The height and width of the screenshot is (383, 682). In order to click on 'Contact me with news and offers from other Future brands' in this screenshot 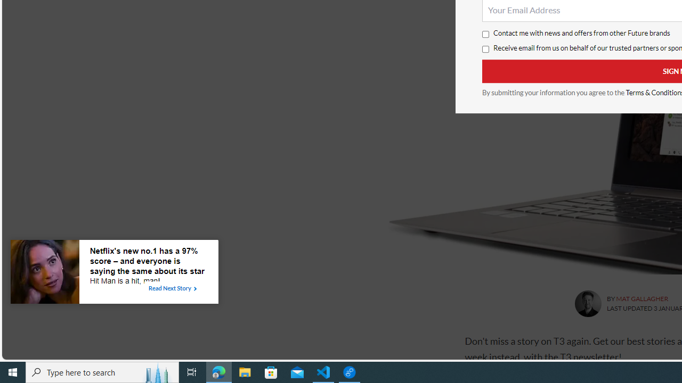, I will do `click(485, 34)`.